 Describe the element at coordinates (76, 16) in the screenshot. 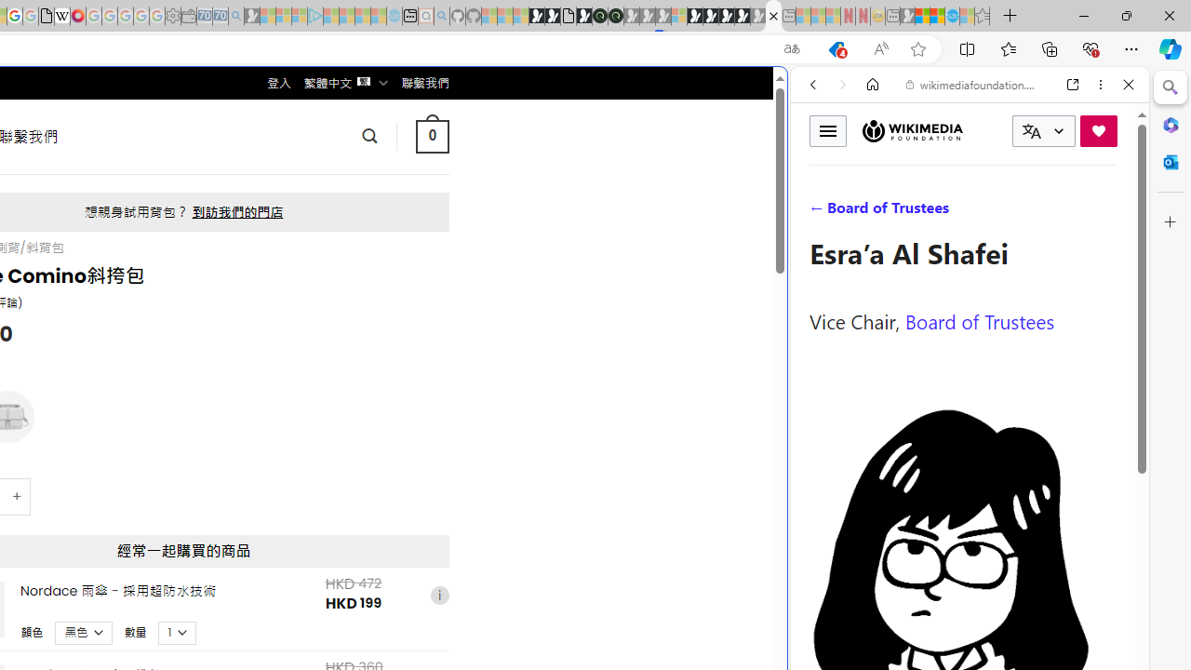

I see `'MediaWiki'` at that location.